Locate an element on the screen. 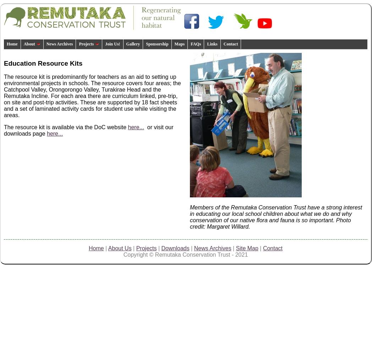 The height and width of the screenshot is (355, 372). 'The resource kit is predominantly for teachers as an aid to setting up 
		environmental projects in schools. The resource covers four areas; the Catchpool Valley, Orongorongo Valley, 
		Turakirae Head and the Remutaka Incline. For each area there are curriculum linked, pre-trip, on site and 
		post-trip activities. These are supported by 18 fact sheets and a set of laminated activity cards 
		for student use while visiting the areas.' is located at coordinates (92, 96).